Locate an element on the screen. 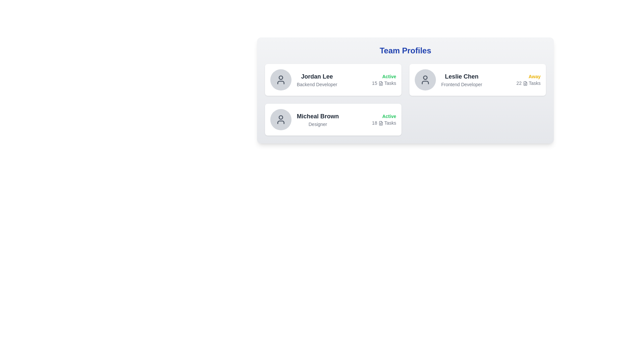 This screenshot has height=358, width=636. the text label displaying 'Micheal Brown' in the second information card of the 'Team Profiles' section is located at coordinates (317, 116).